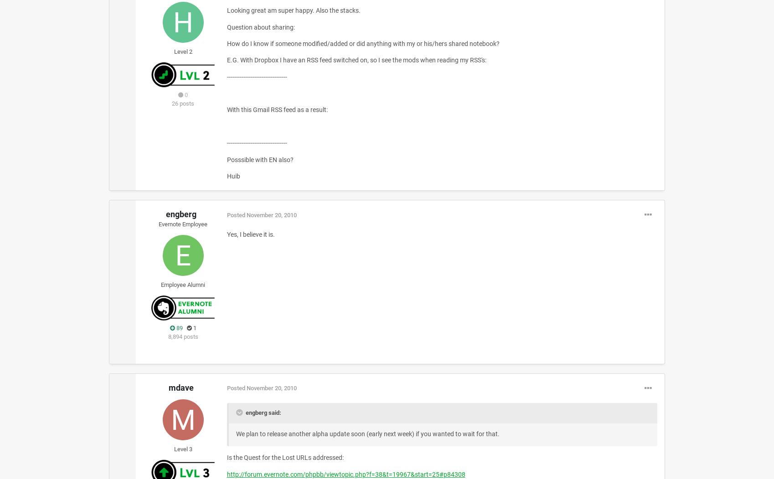 This screenshot has height=479, width=774. I want to click on 'We plan to release another alpha update soon (early next week) if you wanted to wait for that.', so click(236, 433).